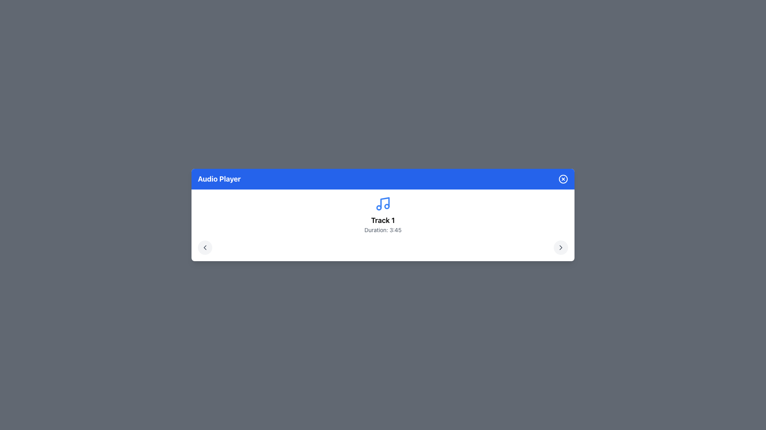 This screenshot has height=430, width=766. Describe the element at coordinates (383, 224) in the screenshot. I see `displayed information from the Text Display Component that shows the title and duration of a track in the music-playing application interface, which is centrally positioned below the 'Audio Player' title bar` at that location.